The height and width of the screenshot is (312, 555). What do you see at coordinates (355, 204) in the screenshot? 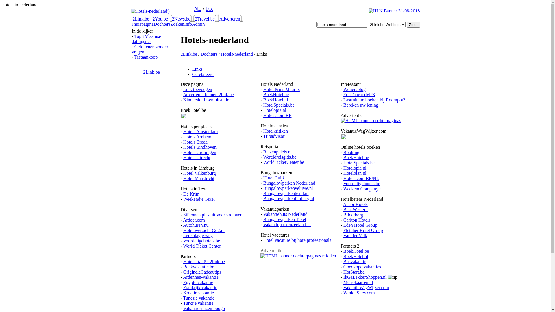
I see `'Accor Hotels'` at bounding box center [355, 204].